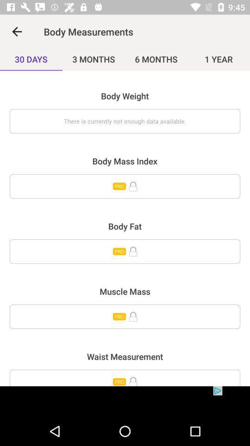 The image size is (250, 446). What do you see at coordinates (125, 316) in the screenshot?
I see `muscle mass information` at bounding box center [125, 316].